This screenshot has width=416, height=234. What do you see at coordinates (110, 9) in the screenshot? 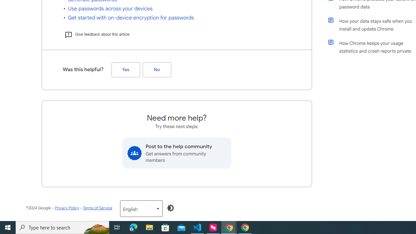
I see `'Use passwords across your devices'` at bounding box center [110, 9].